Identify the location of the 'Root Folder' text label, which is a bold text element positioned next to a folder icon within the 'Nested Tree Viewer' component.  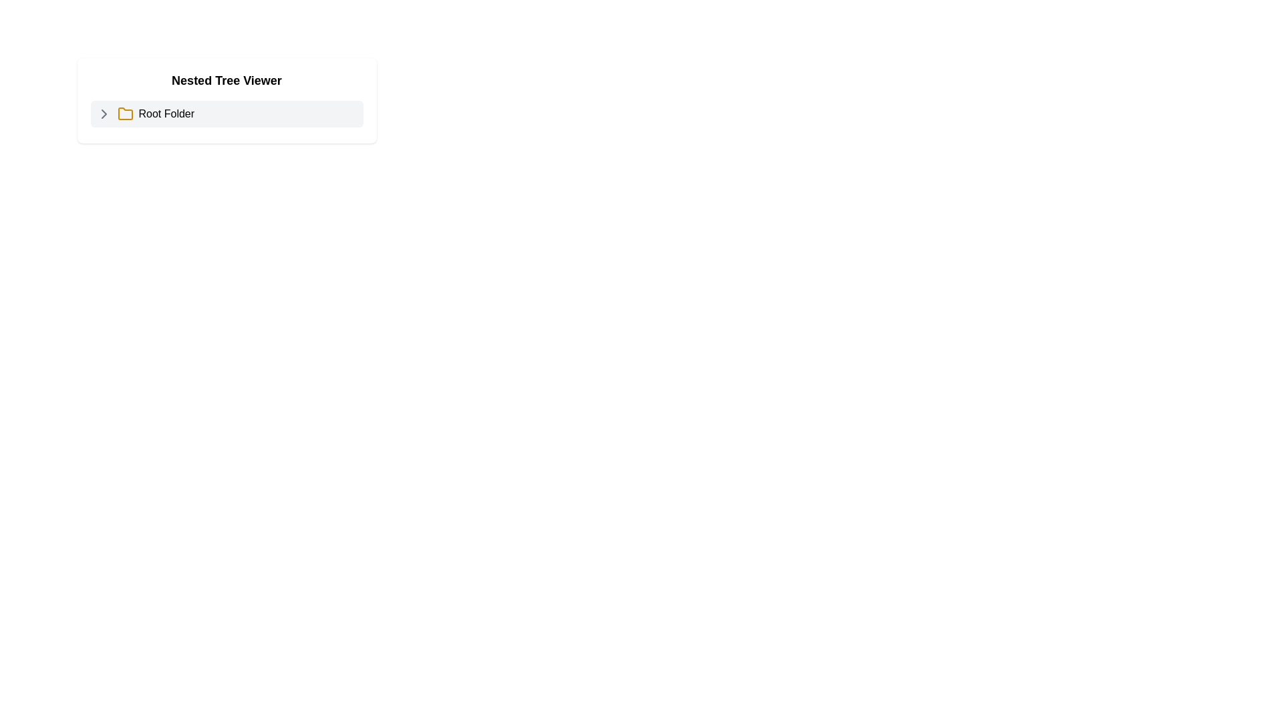
(166, 113).